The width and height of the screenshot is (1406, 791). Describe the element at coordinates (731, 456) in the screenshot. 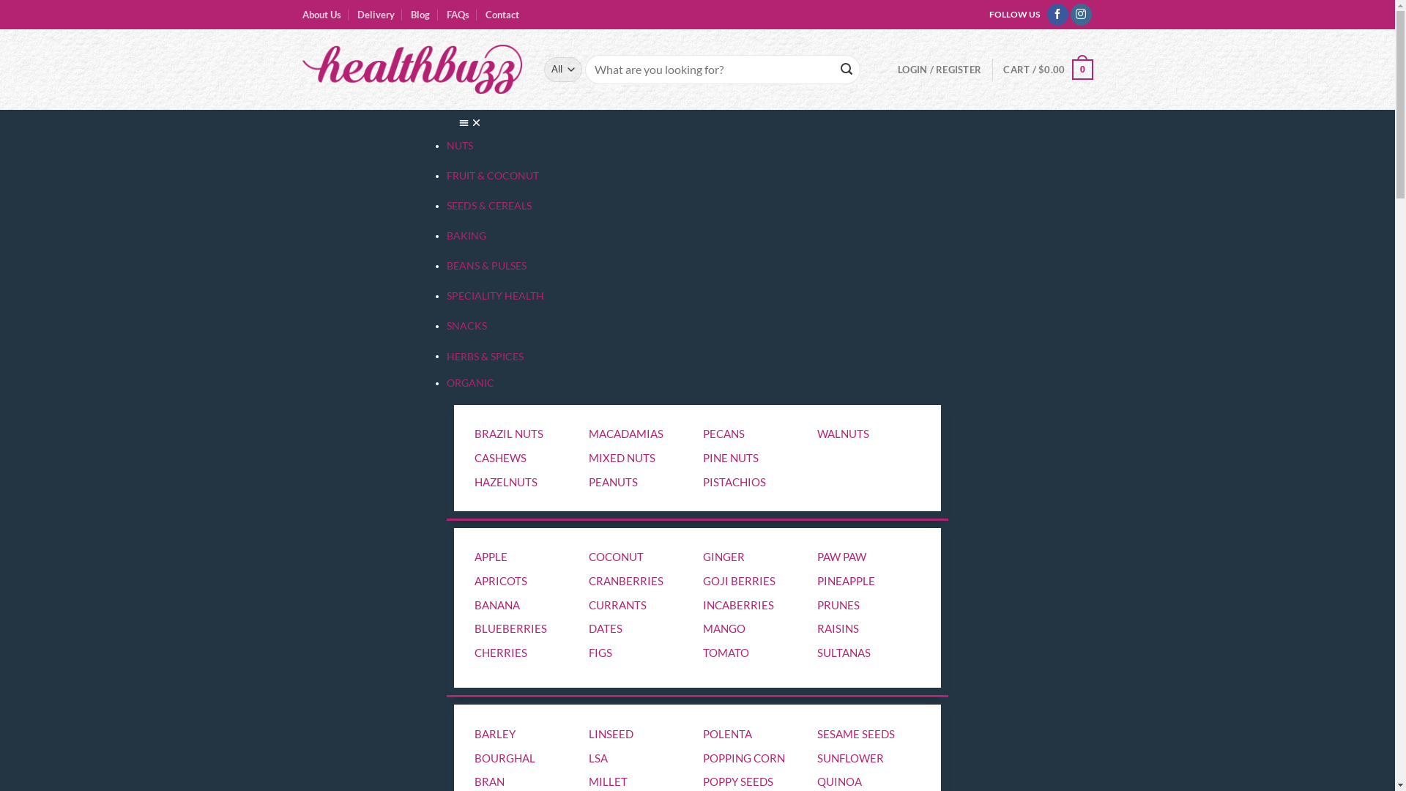

I see `'PINE NUTS'` at that location.